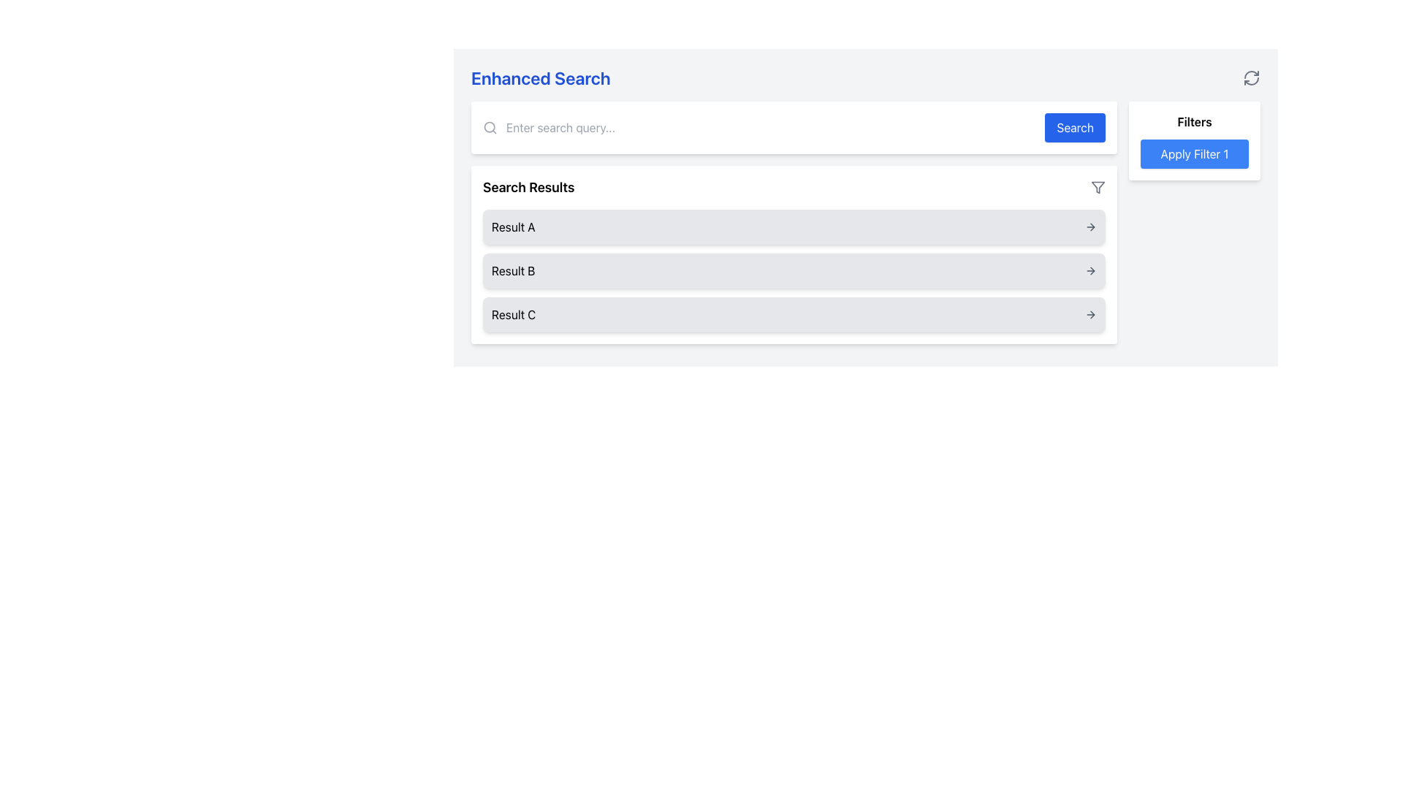  What do you see at coordinates (793, 270) in the screenshot?
I see `the list item labeled 'Result B'` at bounding box center [793, 270].